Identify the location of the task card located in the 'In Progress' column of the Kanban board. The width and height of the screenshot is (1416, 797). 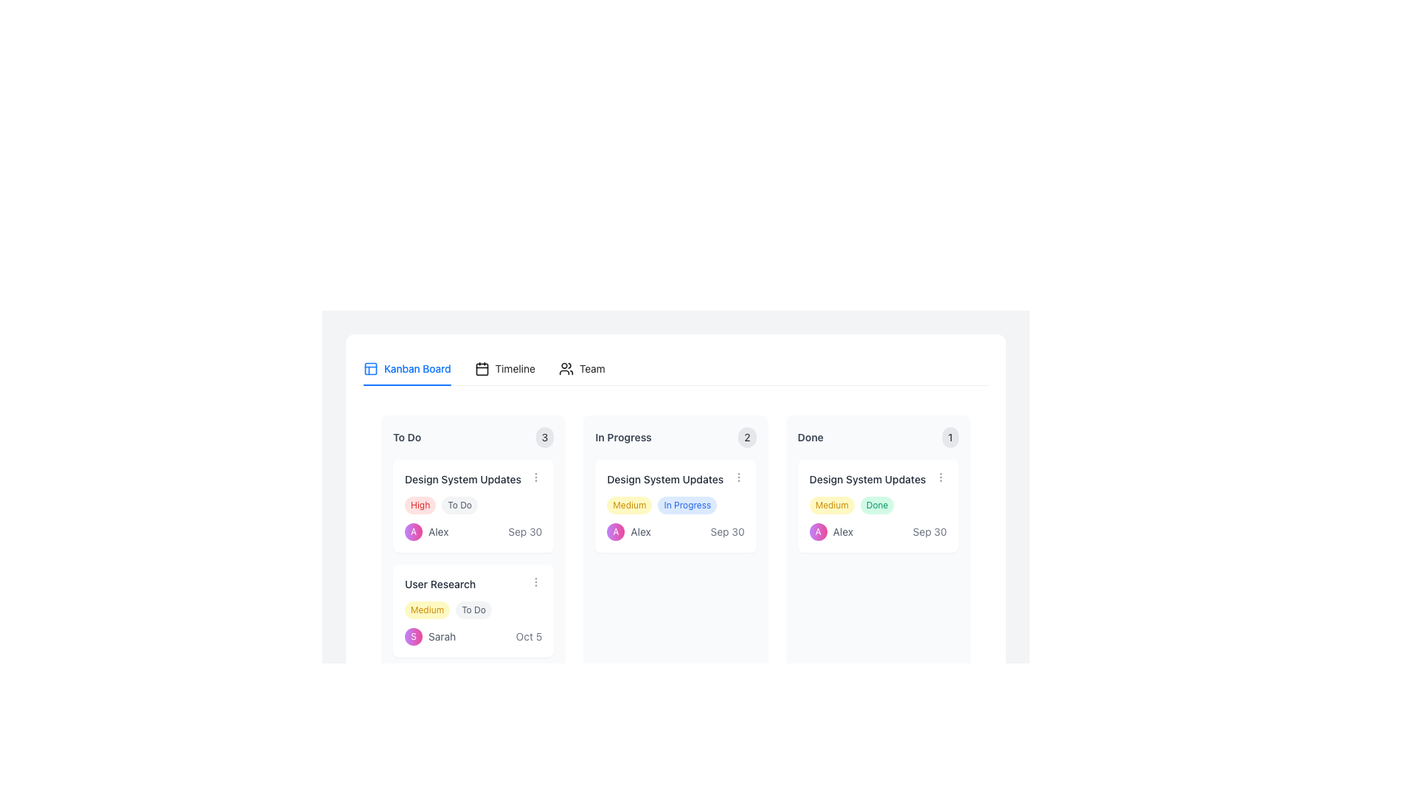
(675, 548).